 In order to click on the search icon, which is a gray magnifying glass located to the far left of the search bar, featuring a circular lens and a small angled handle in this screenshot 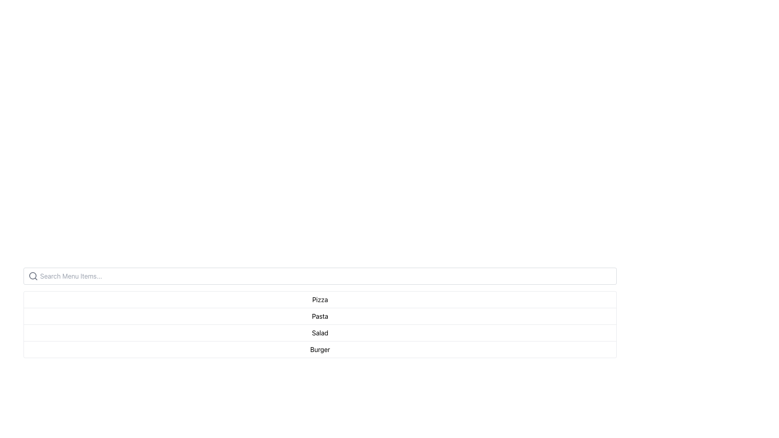, I will do `click(32, 276)`.